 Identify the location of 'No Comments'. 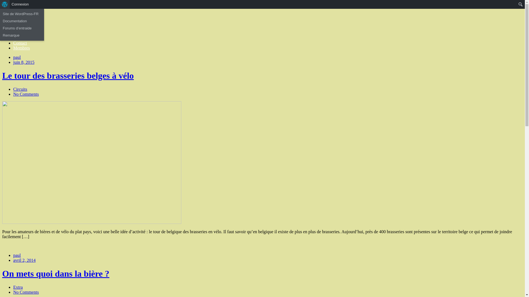
(26, 292).